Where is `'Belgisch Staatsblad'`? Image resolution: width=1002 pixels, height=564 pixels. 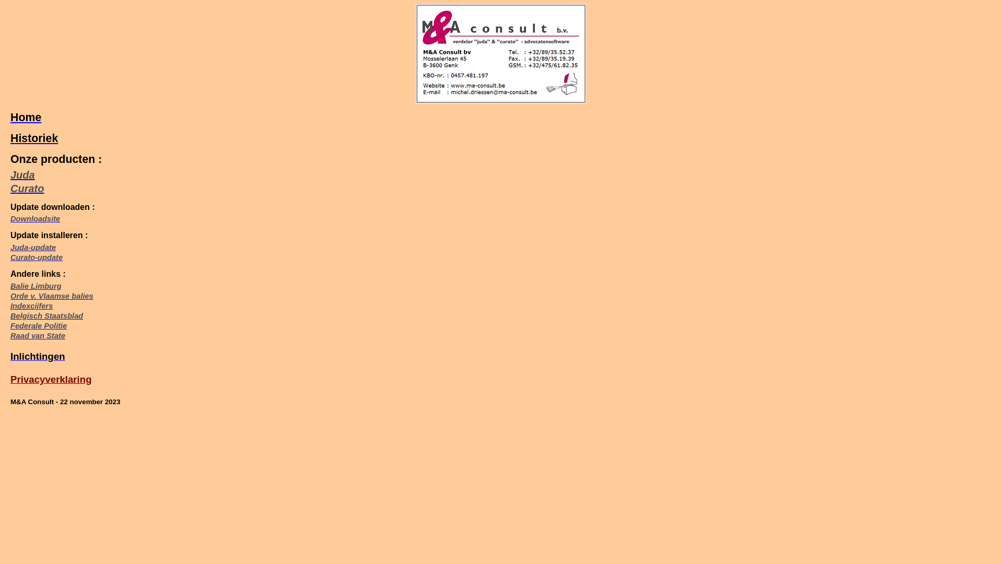
'Belgisch Staatsblad' is located at coordinates (46, 315).